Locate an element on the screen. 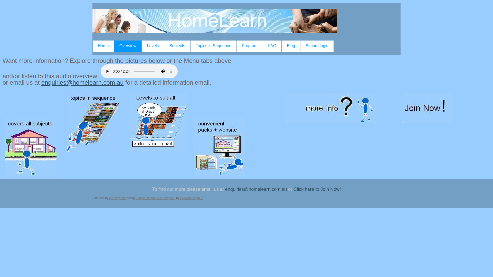 The width and height of the screenshot is (493, 277). 'Click here to Join up' is located at coordinates (428, 107).